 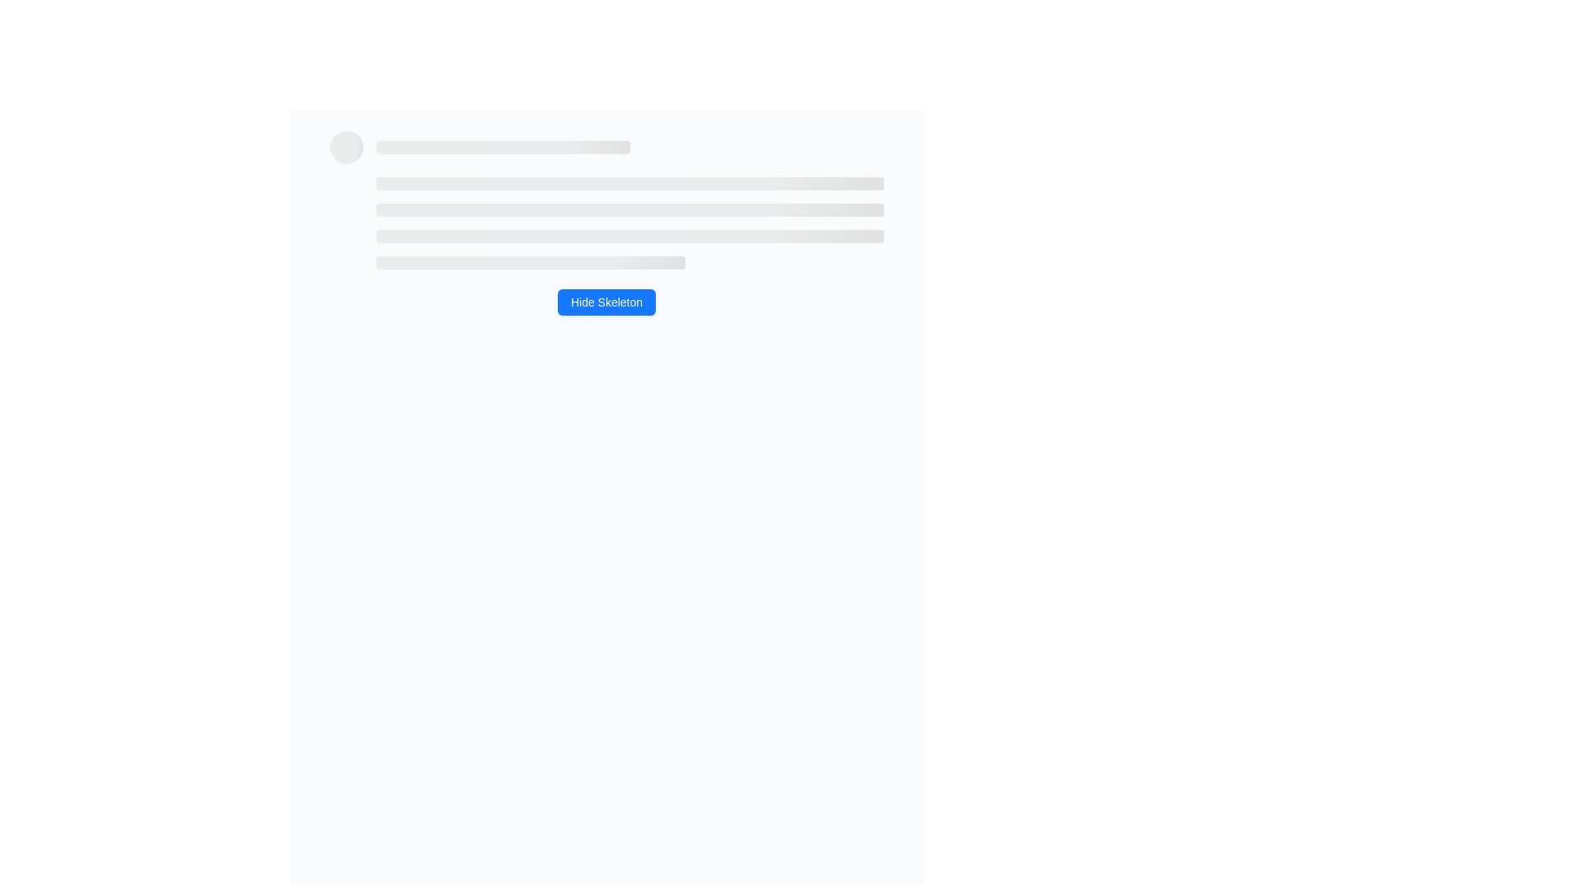 I want to click on the Skeleton loading placeholder, which is the third in a list of four vertically stacked placeholders, centrally positioned in the interface, so click(x=629, y=236).